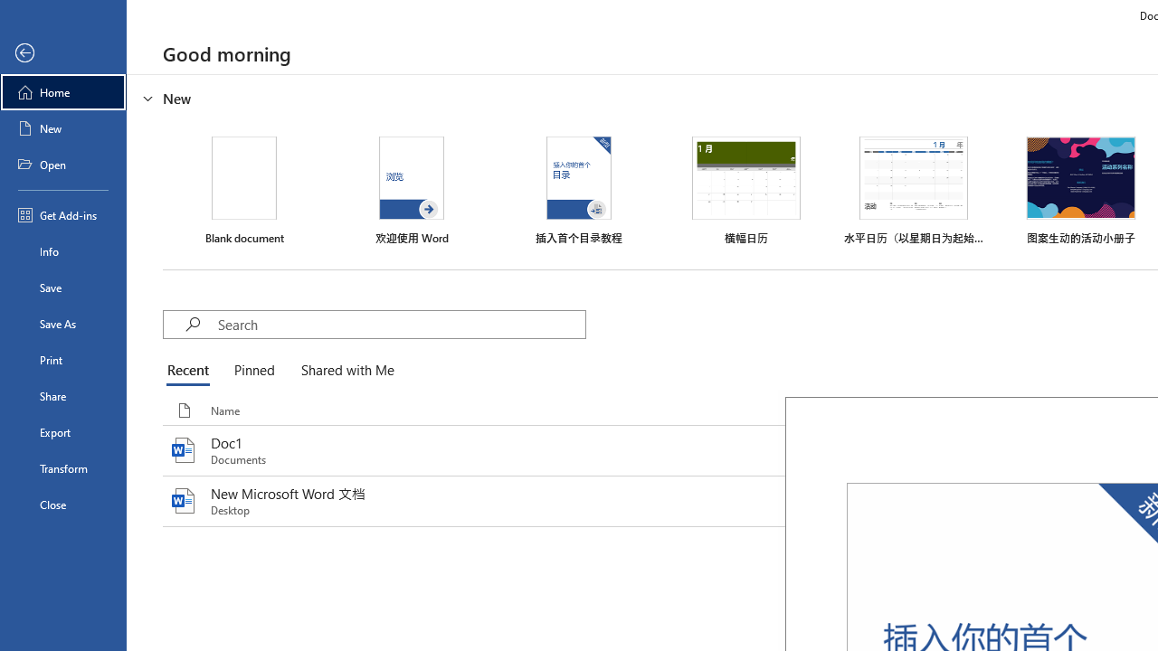 Image resolution: width=1158 pixels, height=651 pixels. I want to click on 'Hide or show region', so click(148, 99).